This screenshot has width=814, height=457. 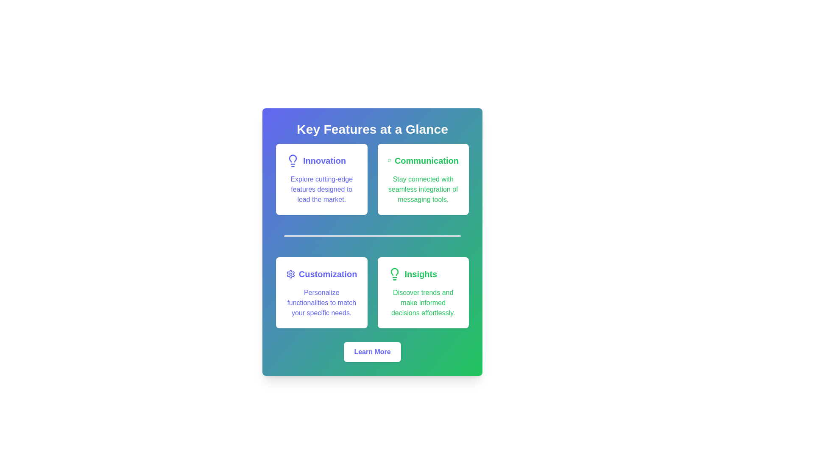 What do you see at coordinates (372, 236) in the screenshot?
I see `the horizontal separator bar that visually separates the 'Innovation' and 'Communication' cards from the 'Customization' and 'Insights' cards` at bounding box center [372, 236].